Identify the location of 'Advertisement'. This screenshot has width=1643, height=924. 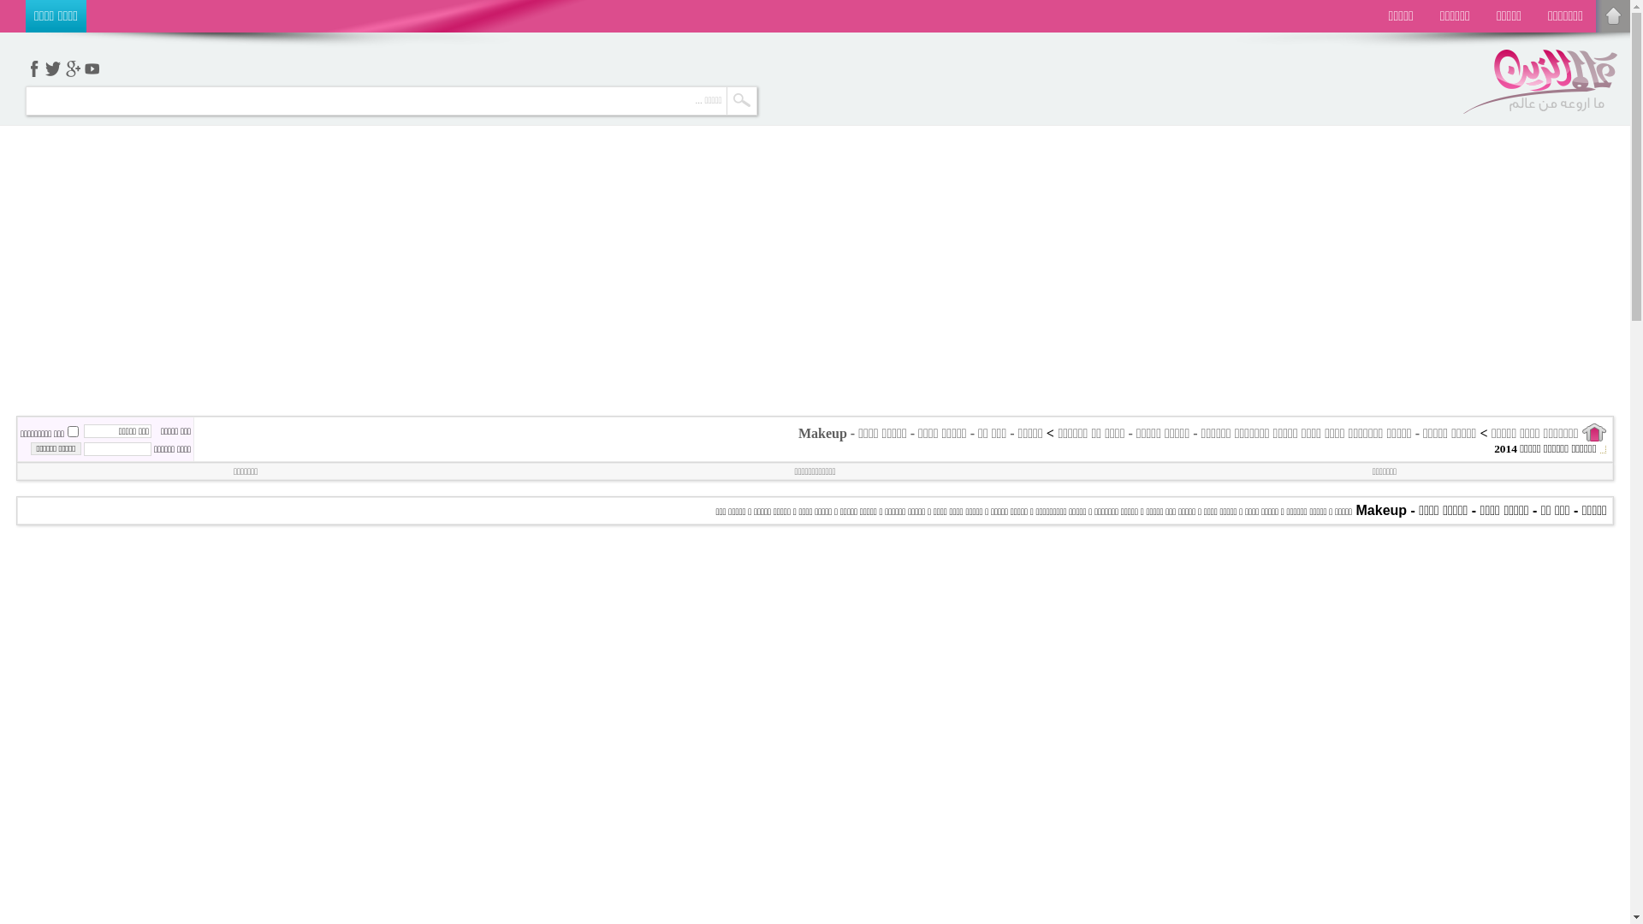
(1006, 293).